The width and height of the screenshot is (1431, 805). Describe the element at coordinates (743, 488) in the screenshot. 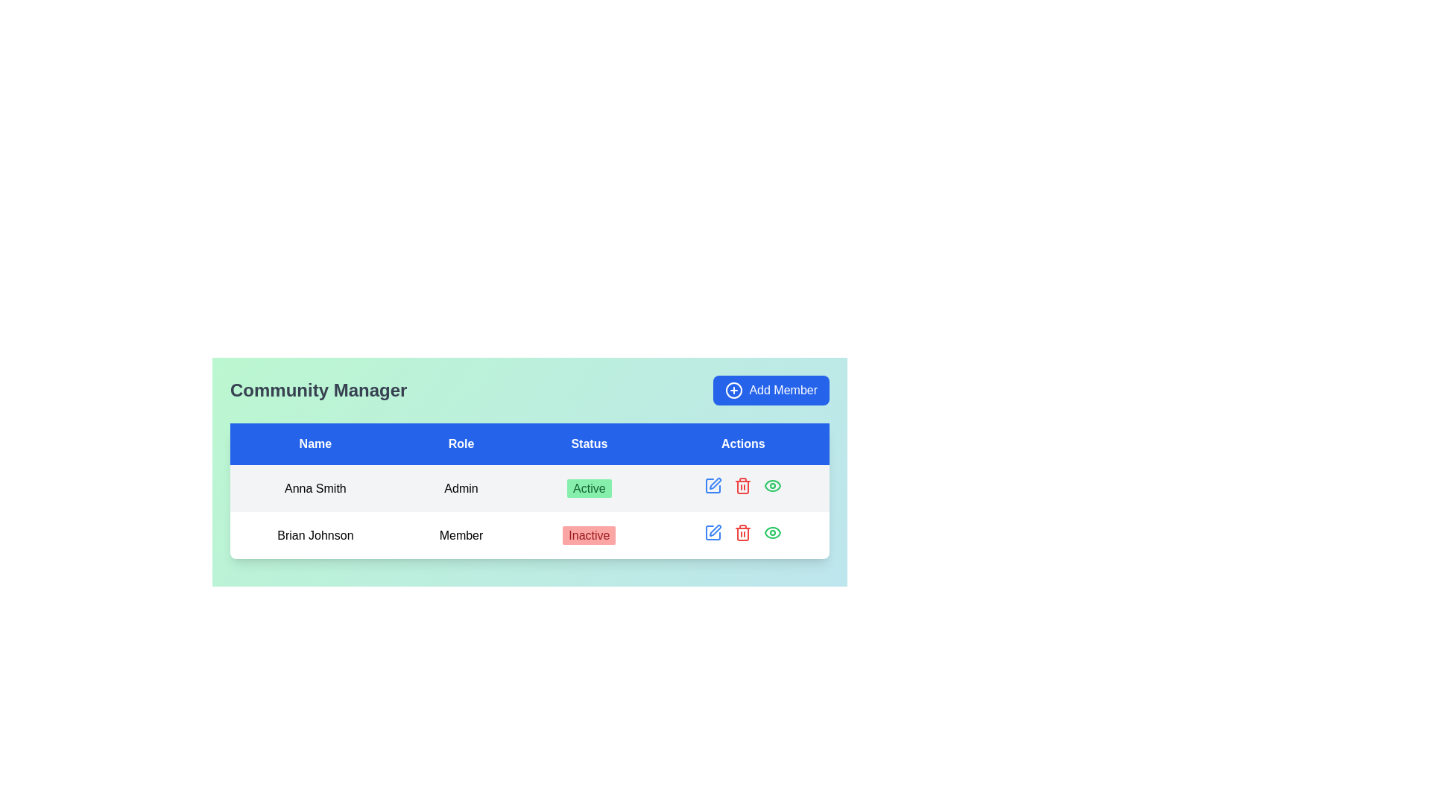

I see `the icon button group located in the last column of the first row, associated with 'Anna Smith'` at that location.